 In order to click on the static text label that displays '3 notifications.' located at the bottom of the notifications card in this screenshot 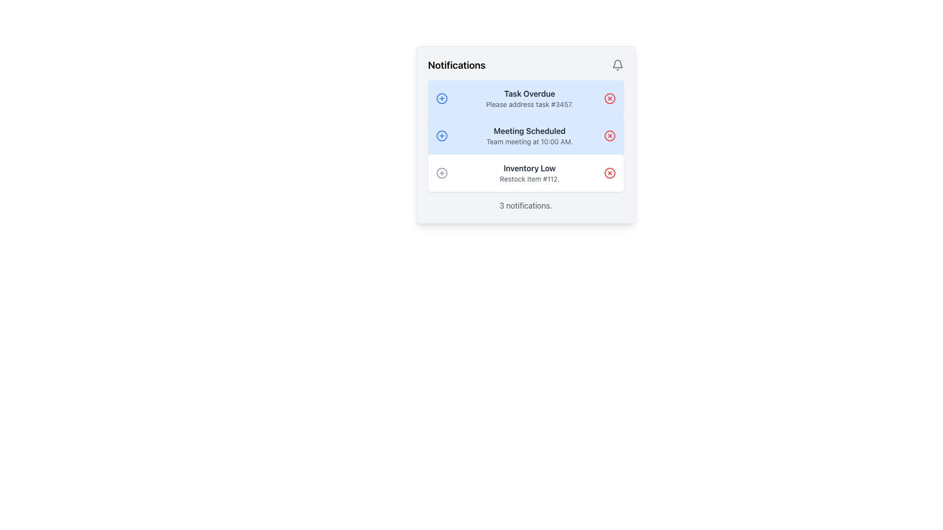, I will do `click(525, 205)`.